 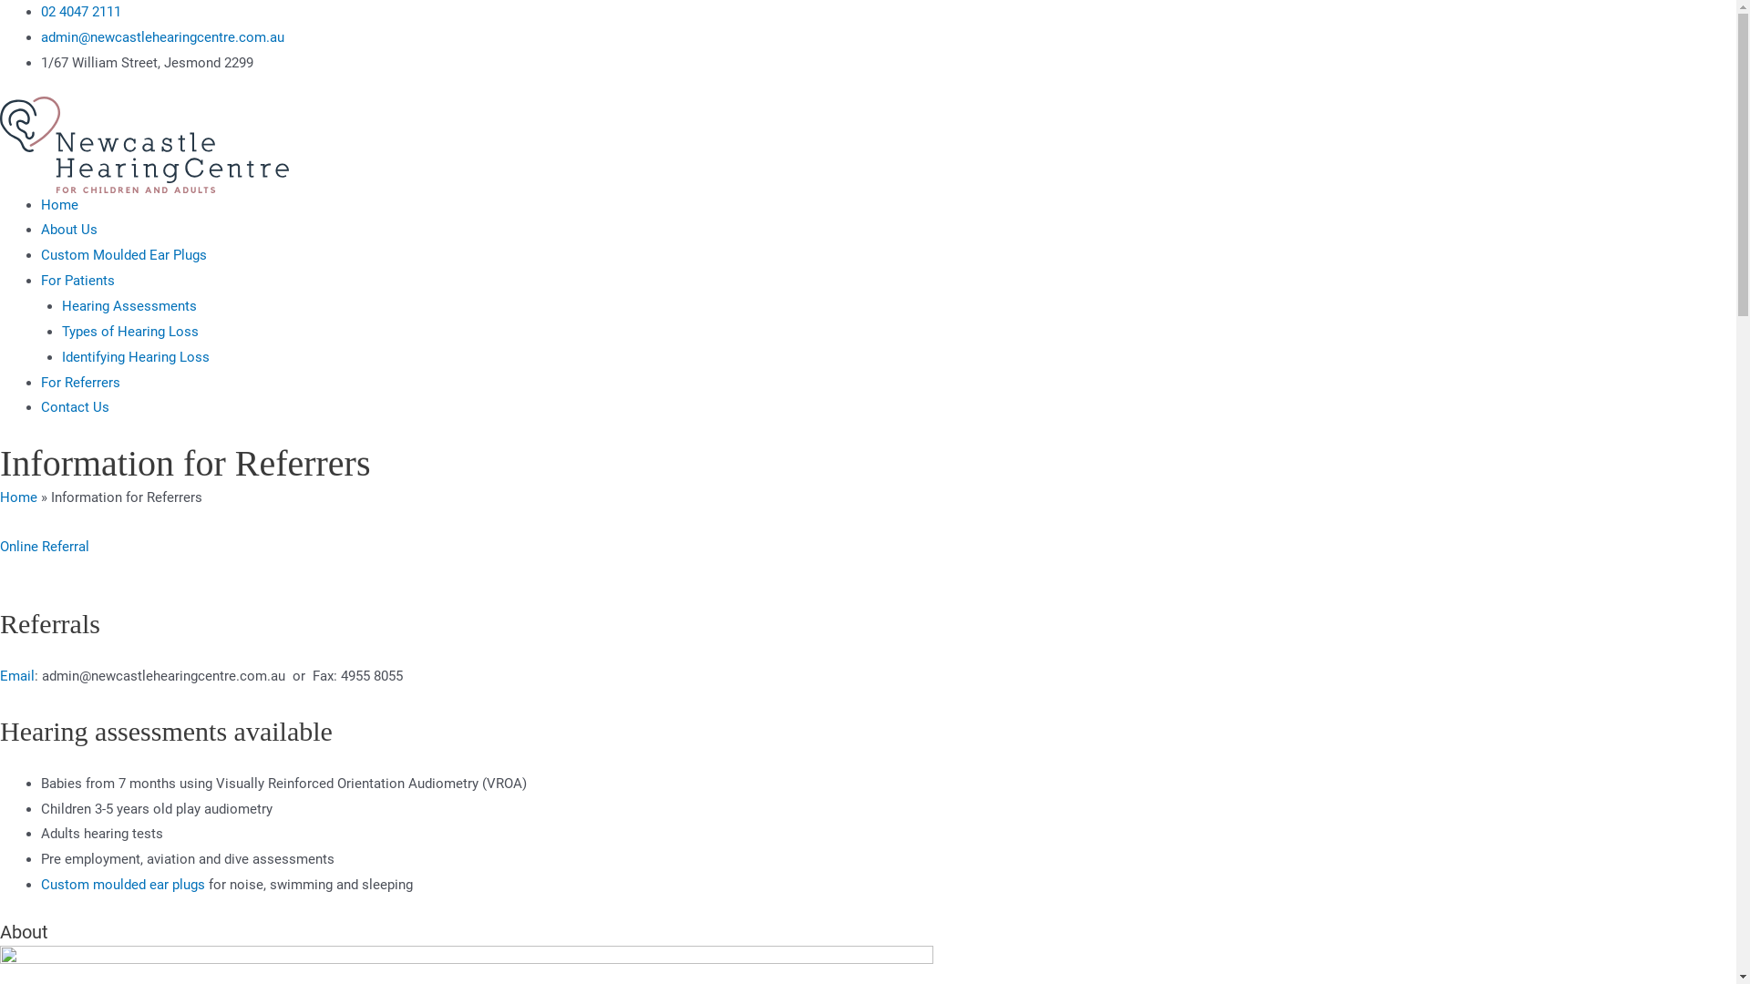 I want to click on 'Contact Us', so click(x=74, y=406).